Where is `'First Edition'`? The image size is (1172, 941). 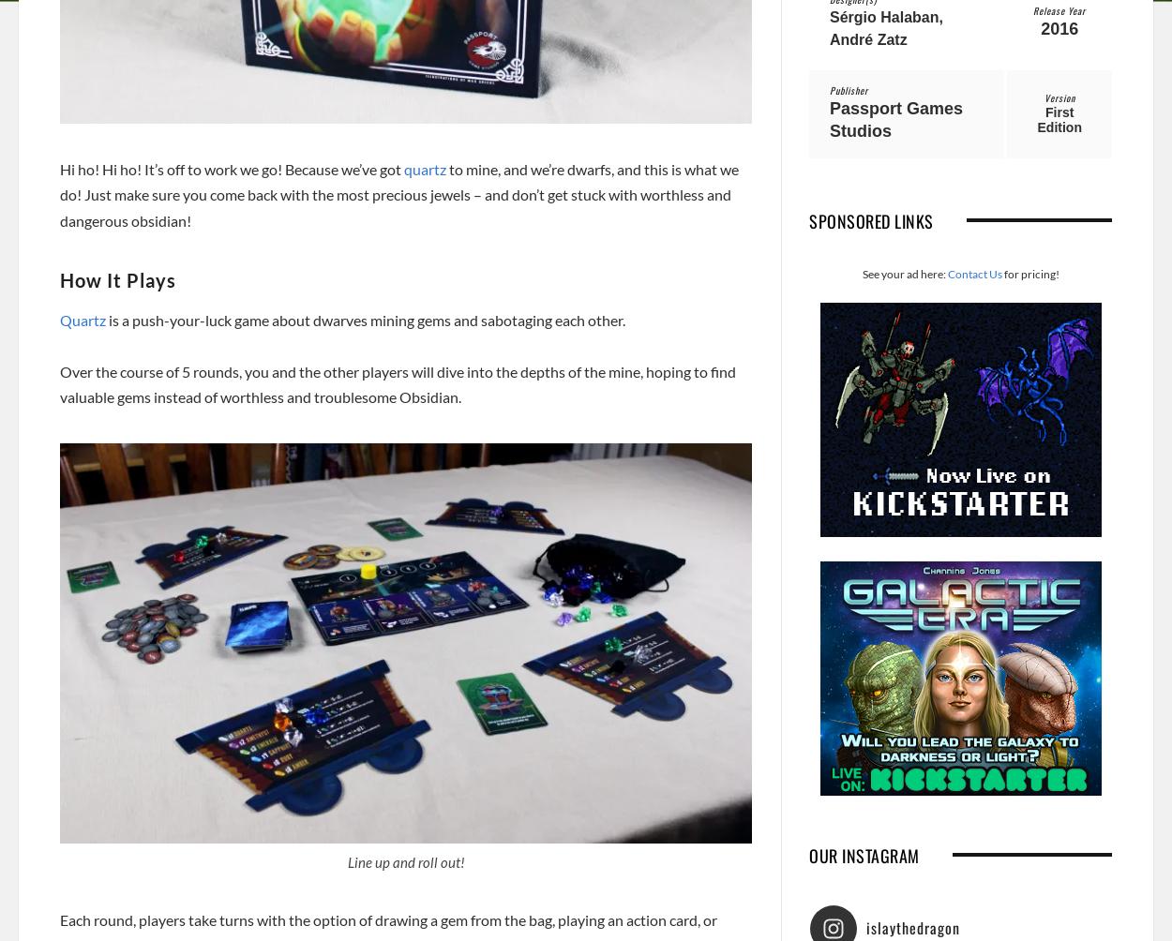 'First Edition' is located at coordinates (1059, 118).